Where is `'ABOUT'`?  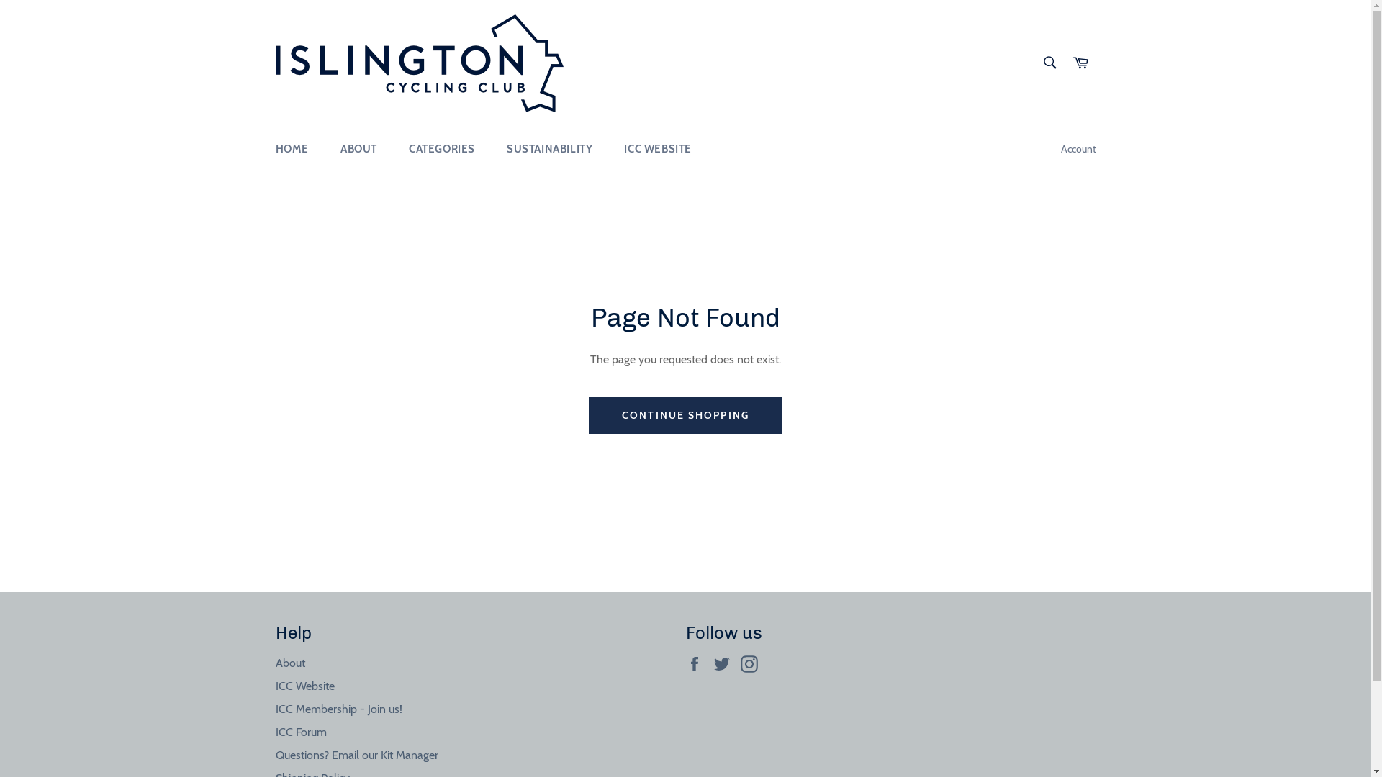 'ABOUT' is located at coordinates (358, 149).